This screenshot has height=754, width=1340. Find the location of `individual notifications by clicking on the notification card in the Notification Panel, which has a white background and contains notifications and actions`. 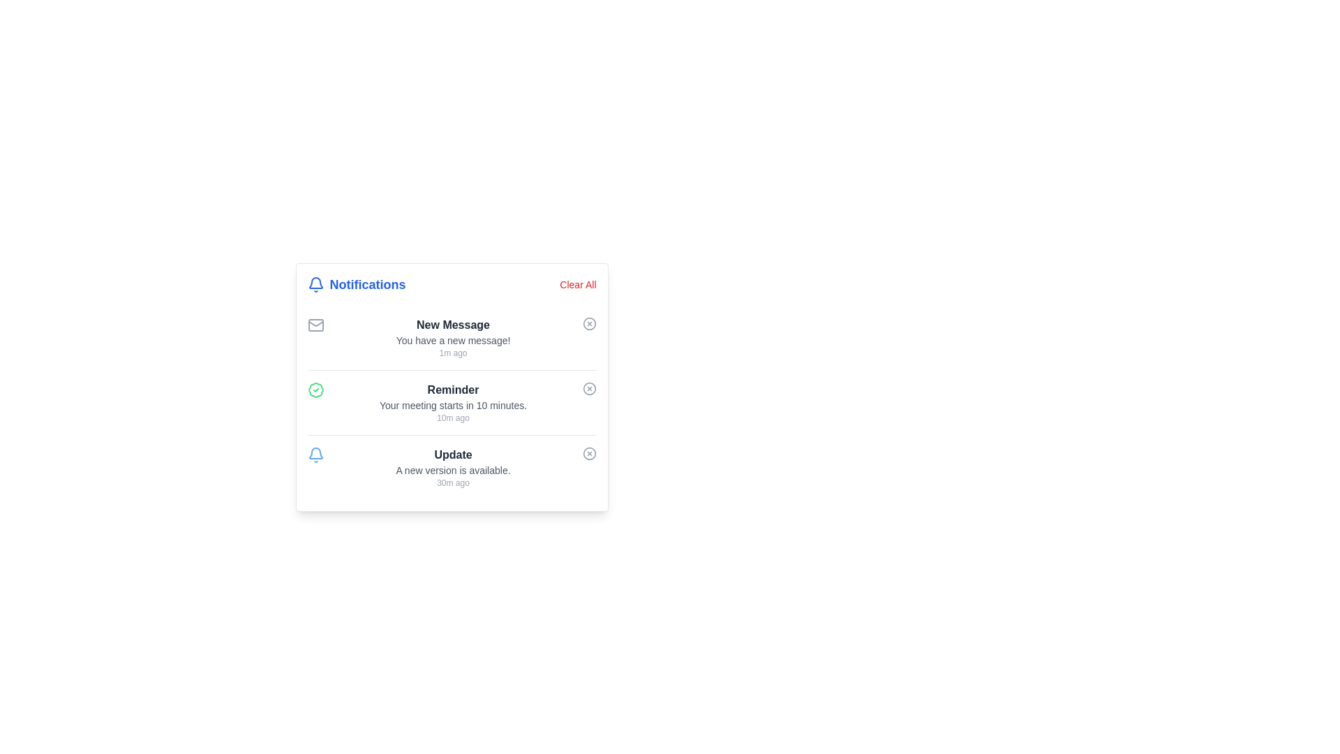

individual notifications by clicking on the notification card in the Notification Panel, which has a white background and contains notifications and actions is located at coordinates (452, 387).